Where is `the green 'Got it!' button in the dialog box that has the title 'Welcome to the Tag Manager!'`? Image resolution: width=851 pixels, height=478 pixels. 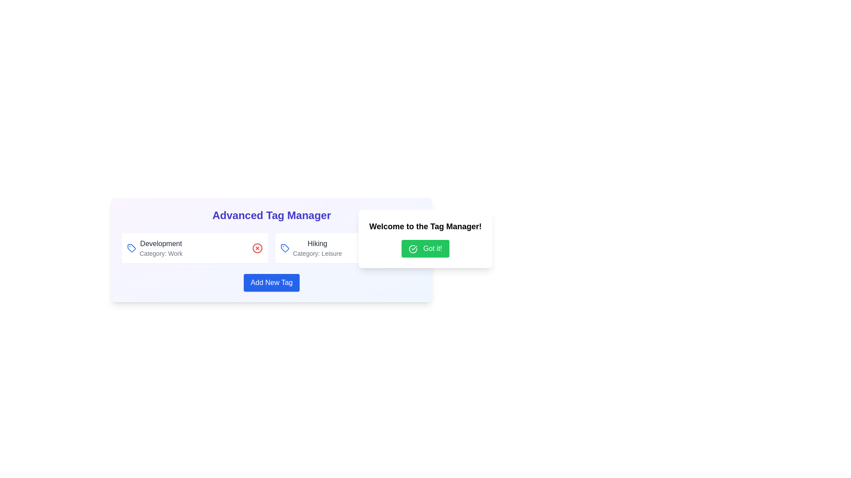
the green 'Got it!' button in the dialog box that has the title 'Welcome to the Tag Manager!' is located at coordinates (425, 239).